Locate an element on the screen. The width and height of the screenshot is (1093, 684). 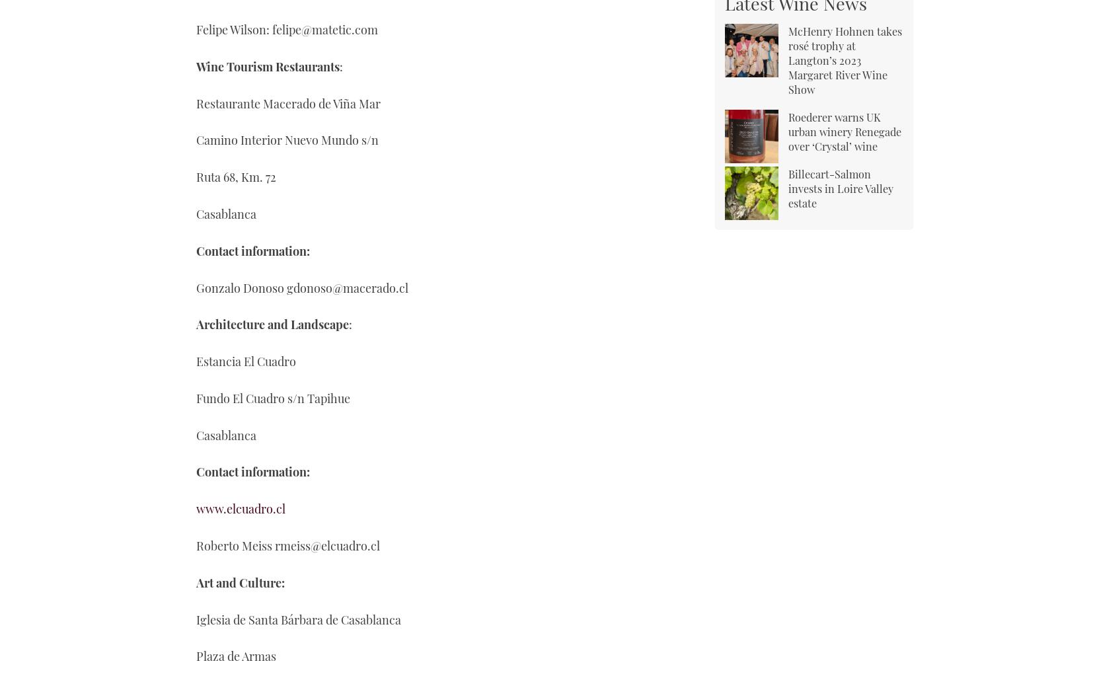
'Gonzalo Donoso gdonoso@macerado.cl' is located at coordinates (302, 287).